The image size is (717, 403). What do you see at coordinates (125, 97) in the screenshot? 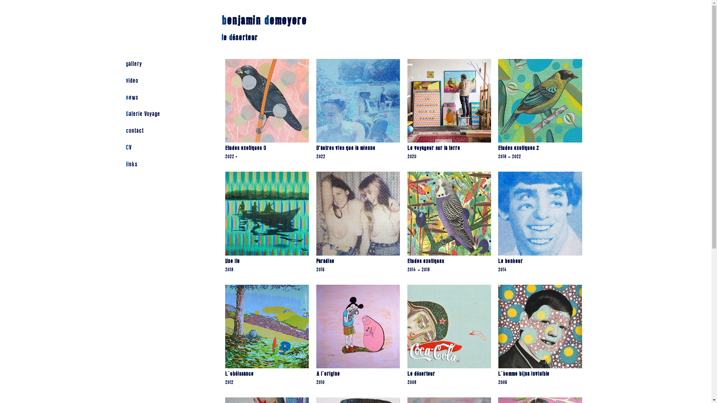
I see `'news'` at bounding box center [125, 97].